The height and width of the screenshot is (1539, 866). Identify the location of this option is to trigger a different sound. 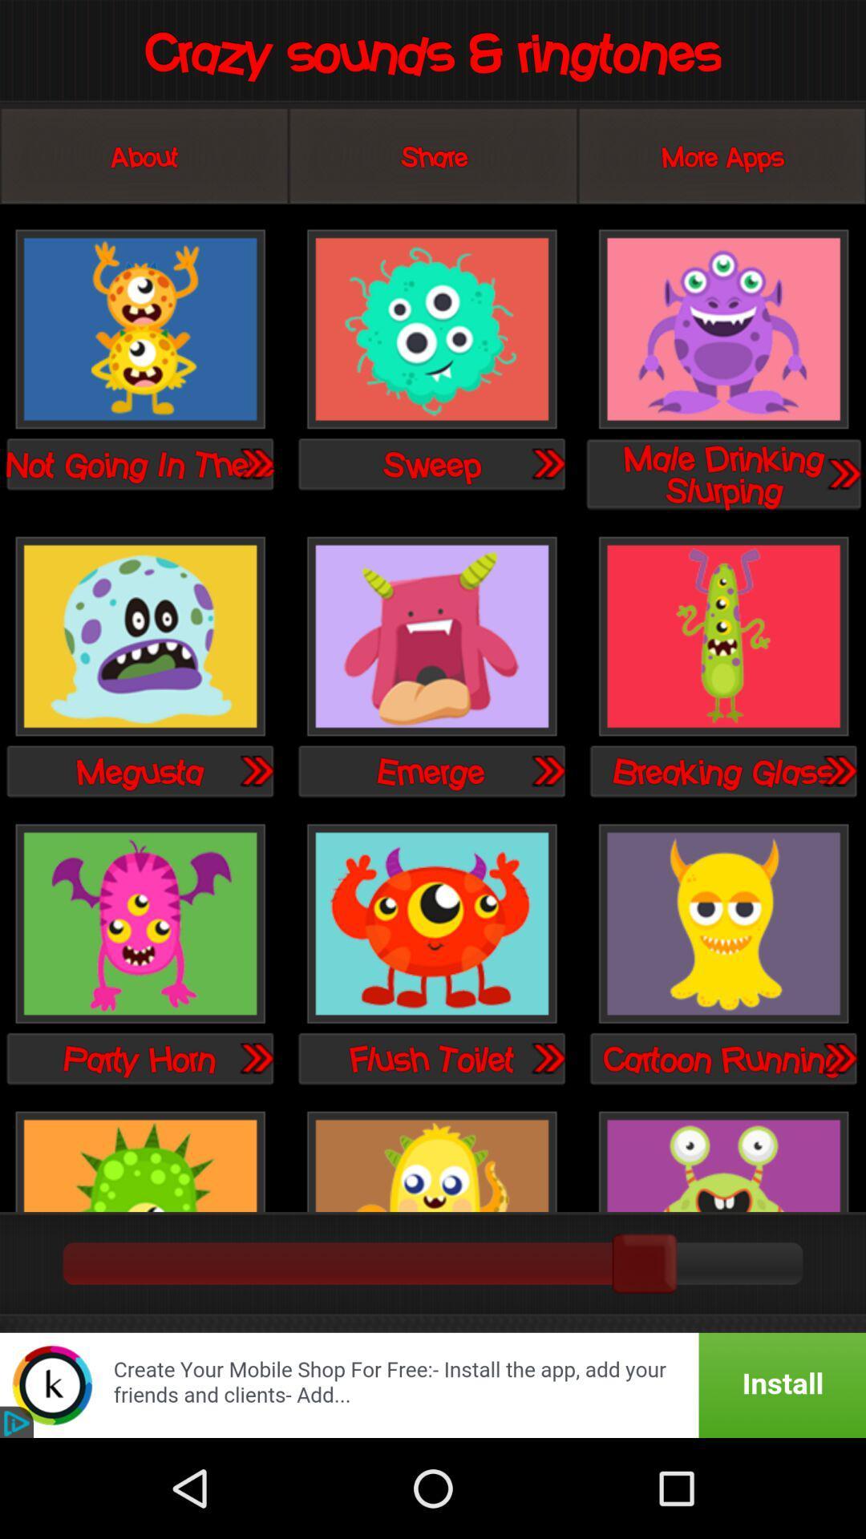
(723, 329).